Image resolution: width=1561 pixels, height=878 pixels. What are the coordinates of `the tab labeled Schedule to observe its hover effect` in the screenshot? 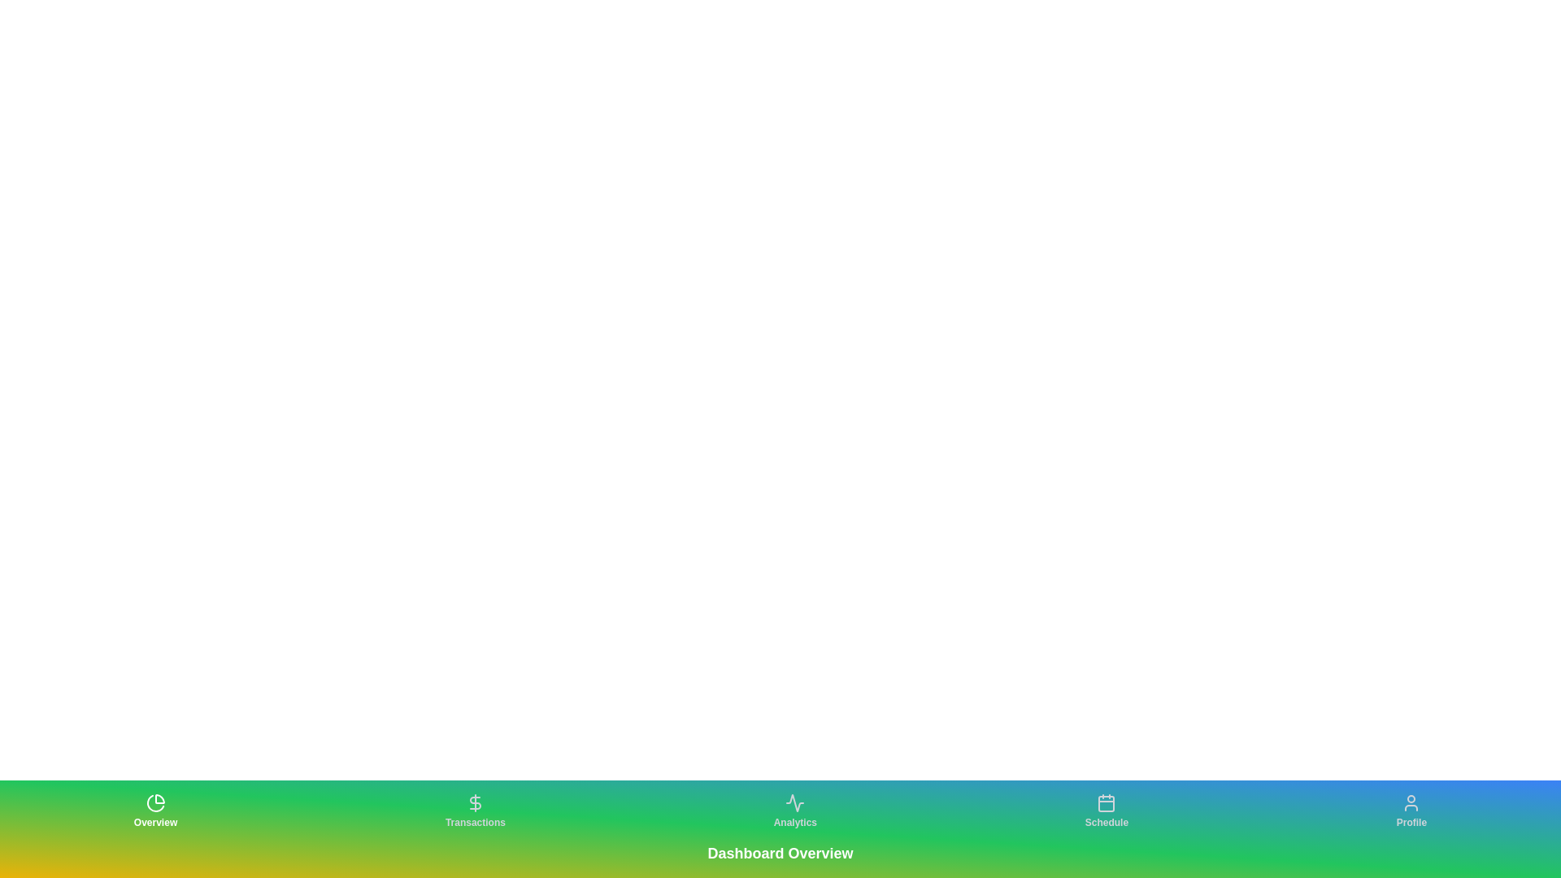 It's located at (1106, 811).